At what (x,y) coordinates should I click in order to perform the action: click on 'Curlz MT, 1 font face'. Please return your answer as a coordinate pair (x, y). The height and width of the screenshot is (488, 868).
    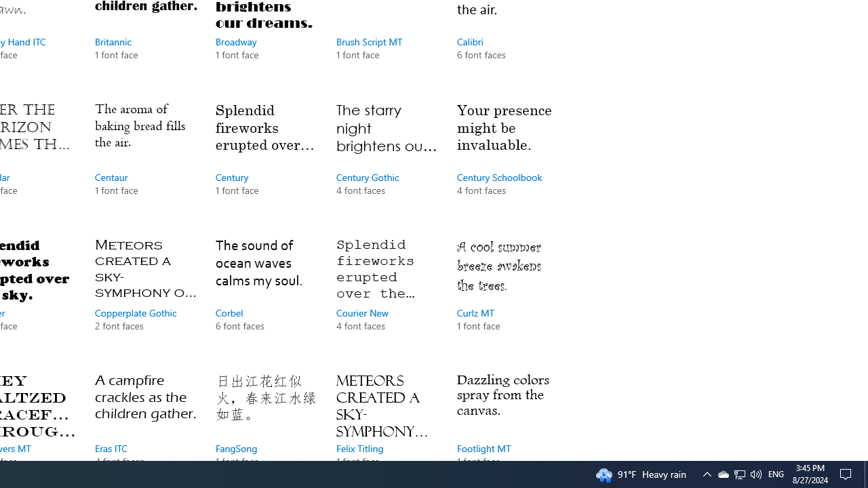
    Looking at the image, I should click on (507, 297).